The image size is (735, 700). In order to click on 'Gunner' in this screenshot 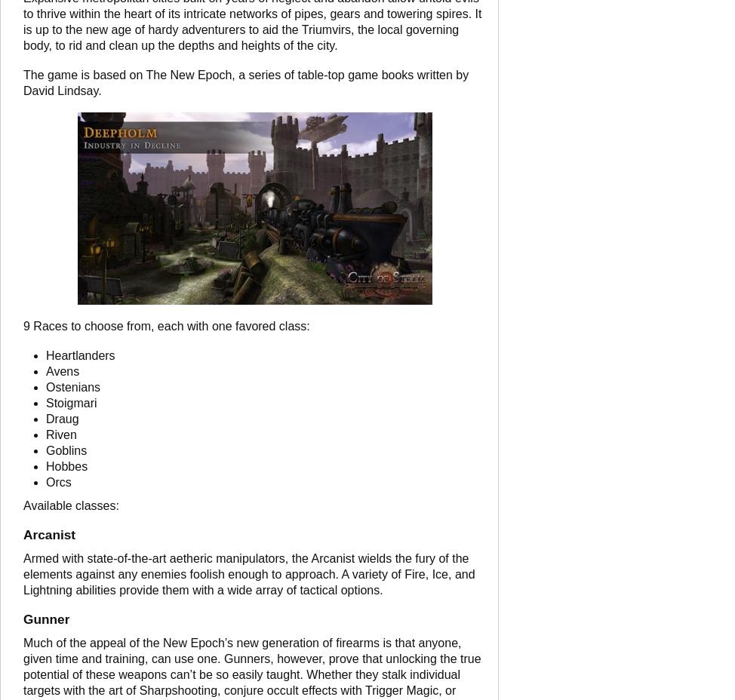, I will do `click(46, 619)`.